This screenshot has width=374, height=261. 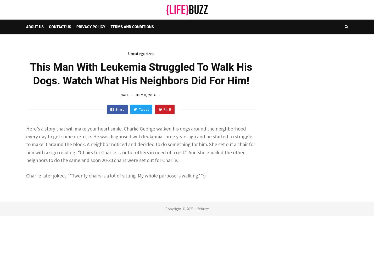 I want to click on 'Uncategorized', so click(x=141, y=53).